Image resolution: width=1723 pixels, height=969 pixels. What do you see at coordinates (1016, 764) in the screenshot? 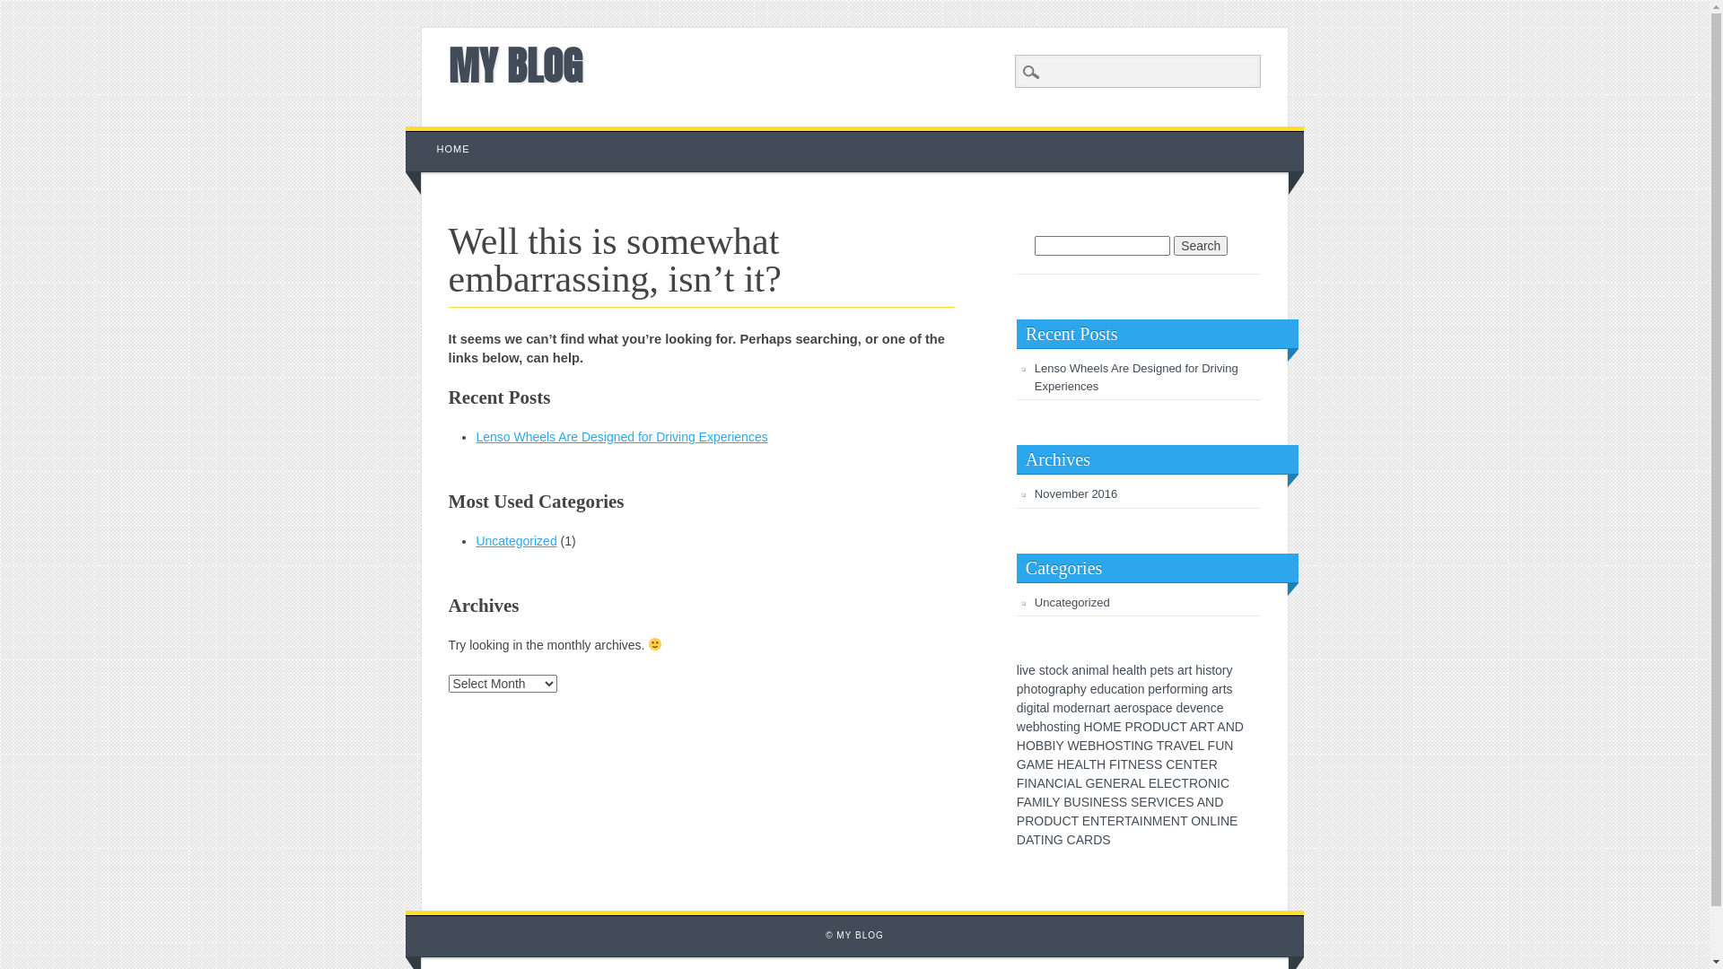
I see `'G'` at bounding box center [1016, 764].